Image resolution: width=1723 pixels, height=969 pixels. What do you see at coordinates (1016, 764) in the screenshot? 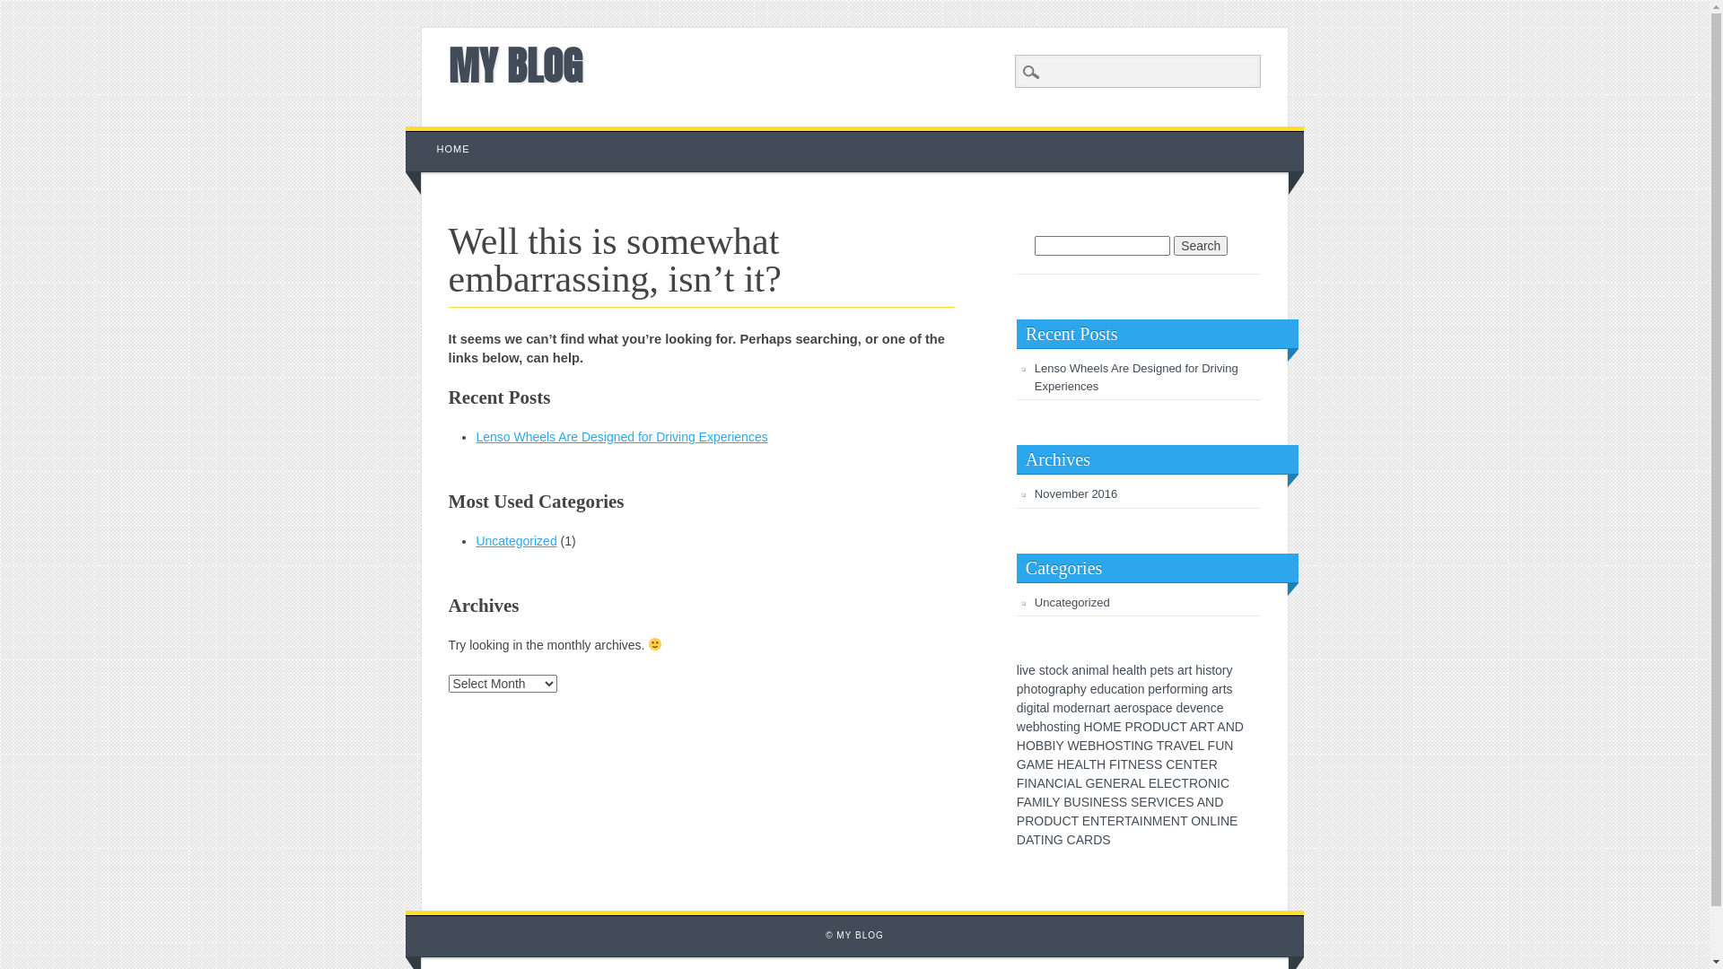
I see `'G'` at bounding box center [1016, 764].